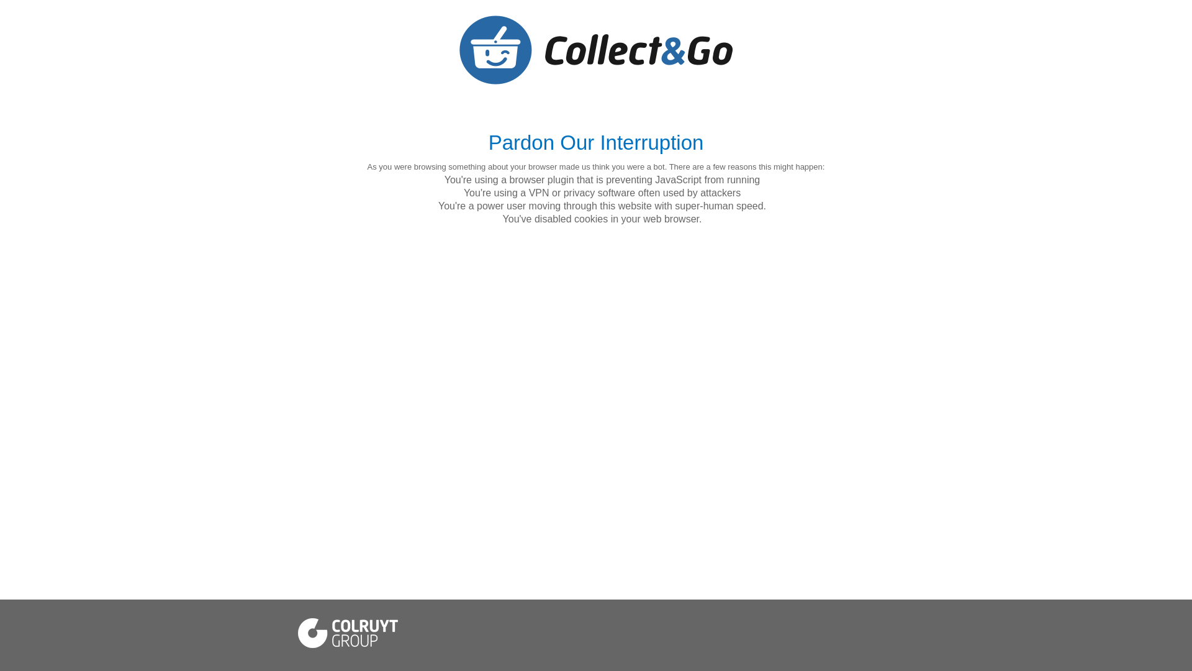  Describe the element at coordinates (541, 180) in the screenshot. I see `'browser plugin'` at that location.